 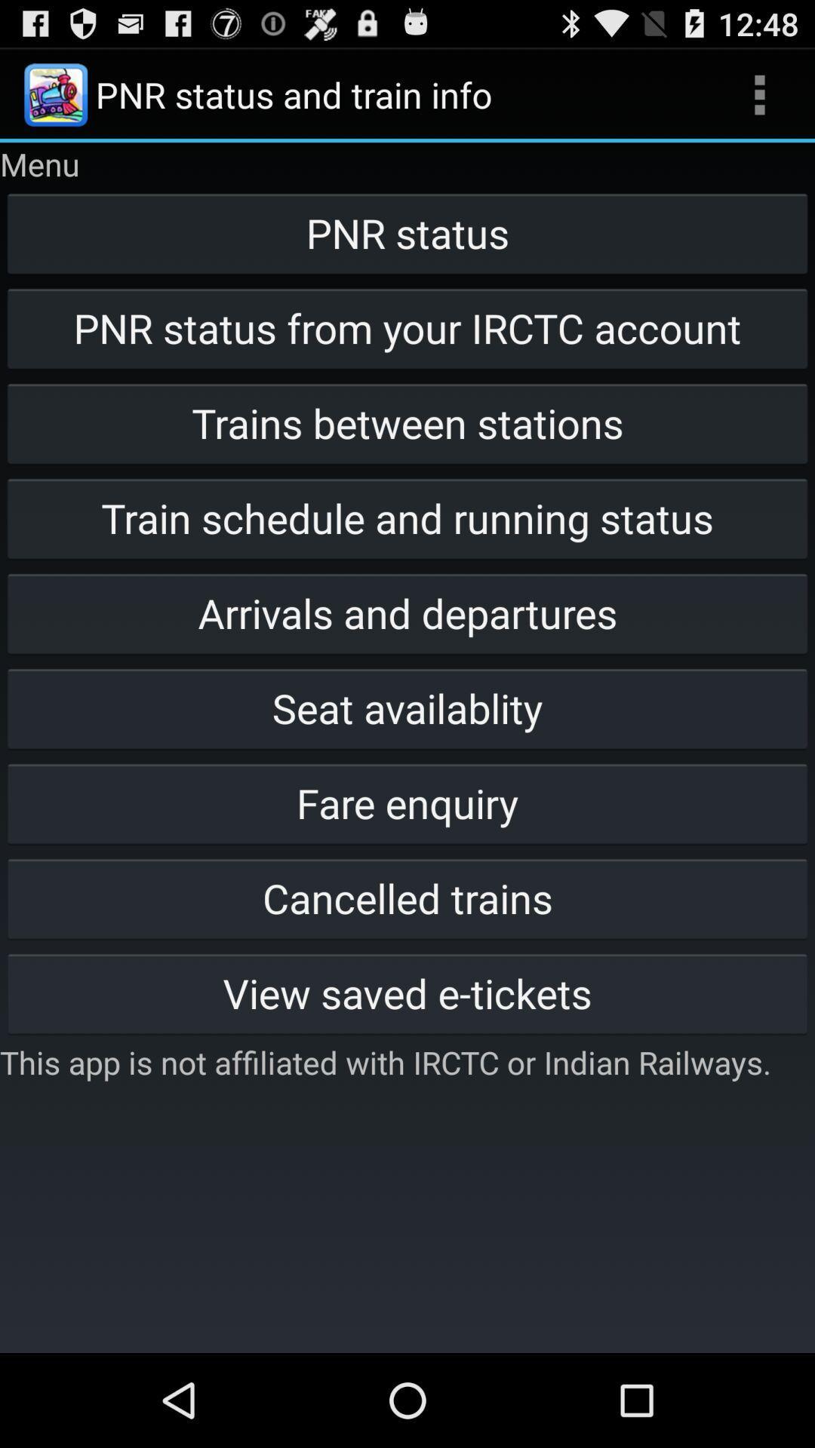 I want to click on view saved e item, so click(x=407, y=992).